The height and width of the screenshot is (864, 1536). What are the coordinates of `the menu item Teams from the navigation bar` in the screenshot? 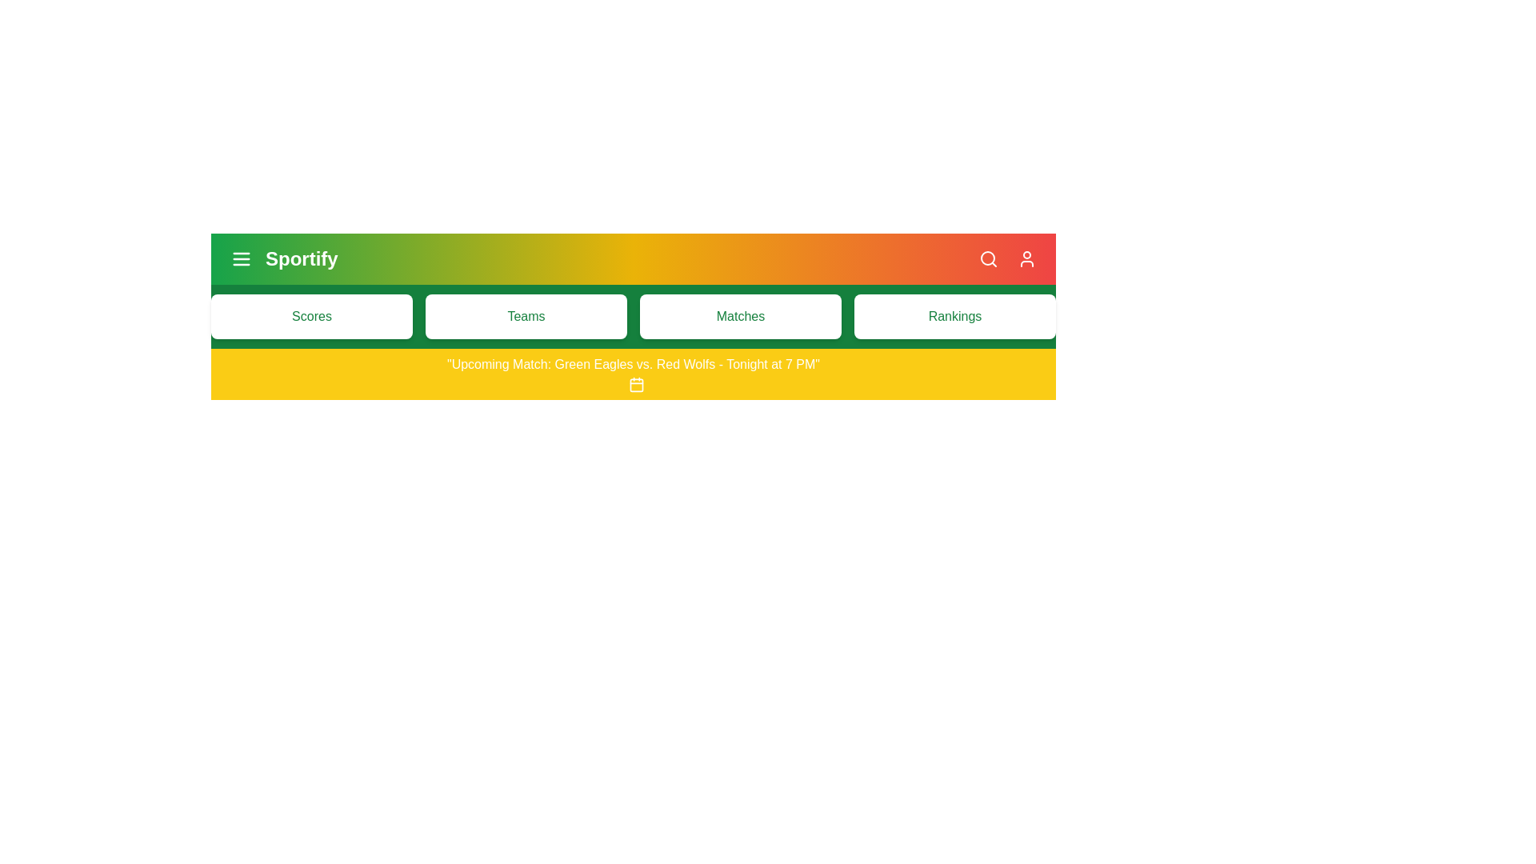 It's located at (526, 317).